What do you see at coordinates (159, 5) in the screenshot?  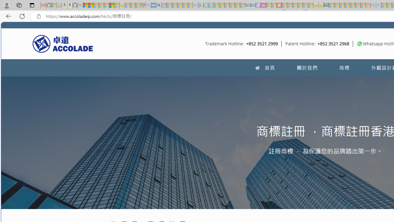 I see `'utah sues federal government - Search'` at bounding box center [159, 5].